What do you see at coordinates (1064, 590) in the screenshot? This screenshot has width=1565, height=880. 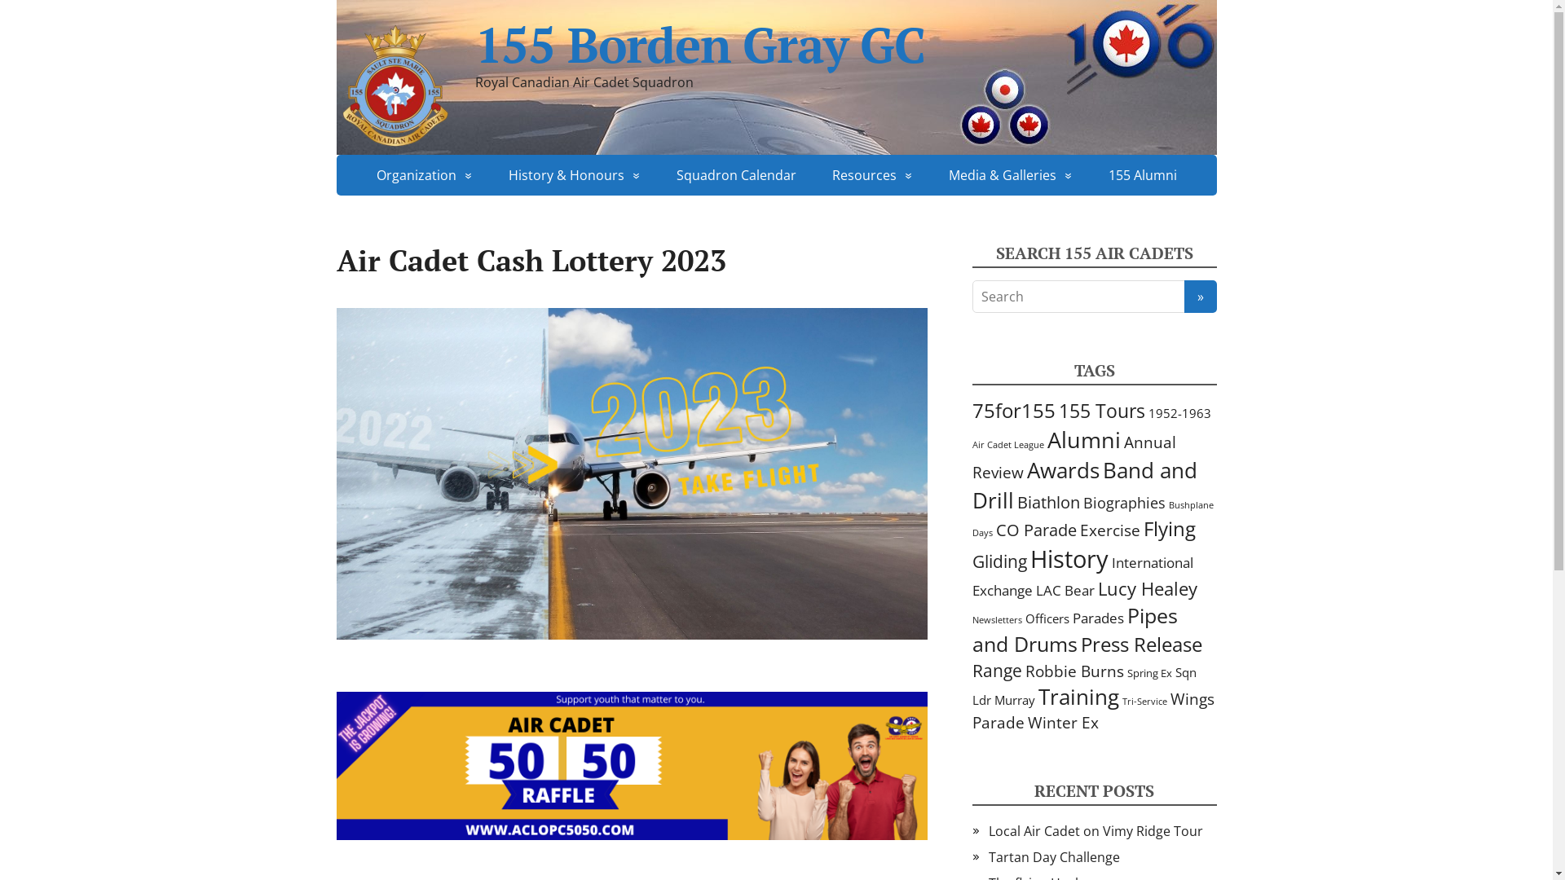 I see `'LAC Bear'` at bounding box center [1064, 590].